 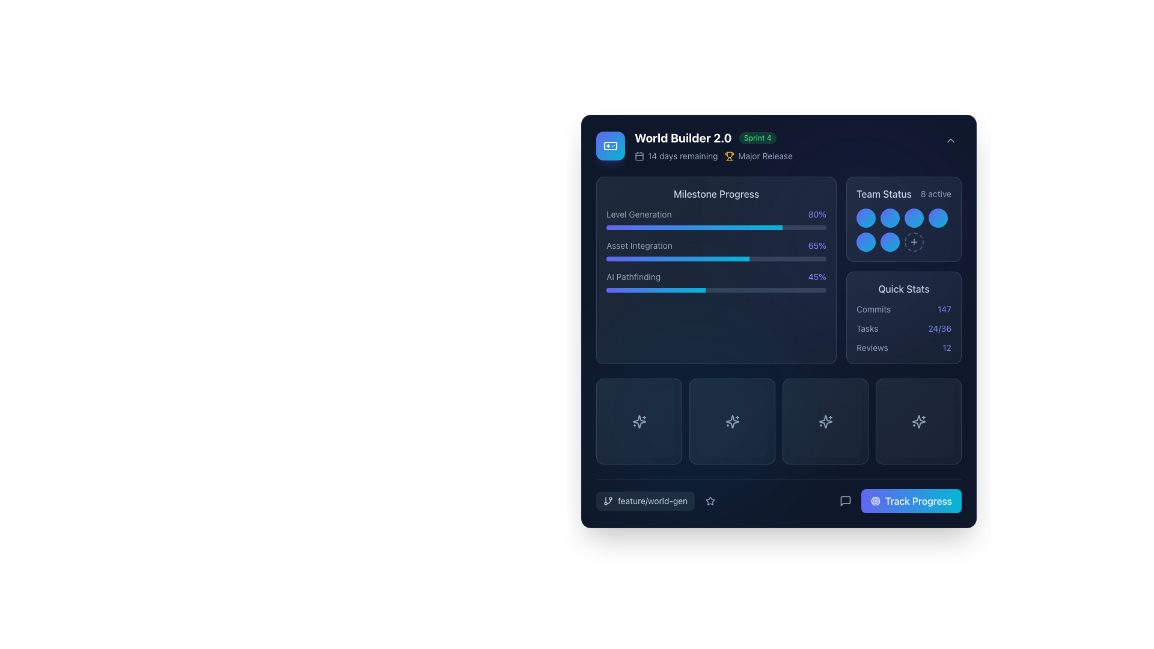 I want to click on the dashed circle with a '+' symbol in the bottom-right corner of the circular grid in the 'Team Status' section, so click(x=903, y=230).